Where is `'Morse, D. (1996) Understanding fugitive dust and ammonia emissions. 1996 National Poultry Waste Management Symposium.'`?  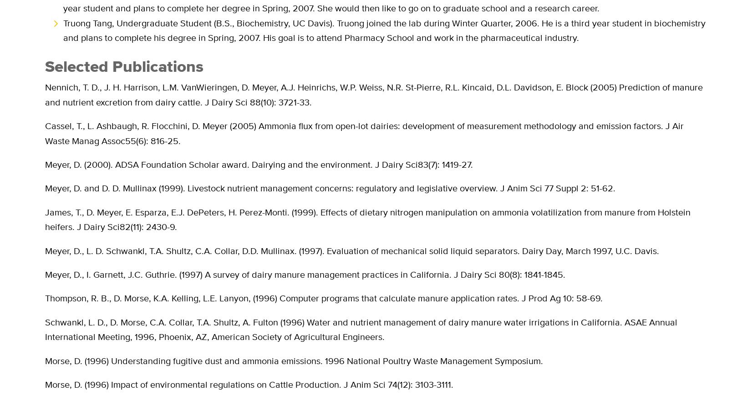
'Morse, D. (1996) Understanding fugitive dust and ammonia emissions. 1996 National Poultry Waste Management Symposium.' is located at coordinates (45, 360).